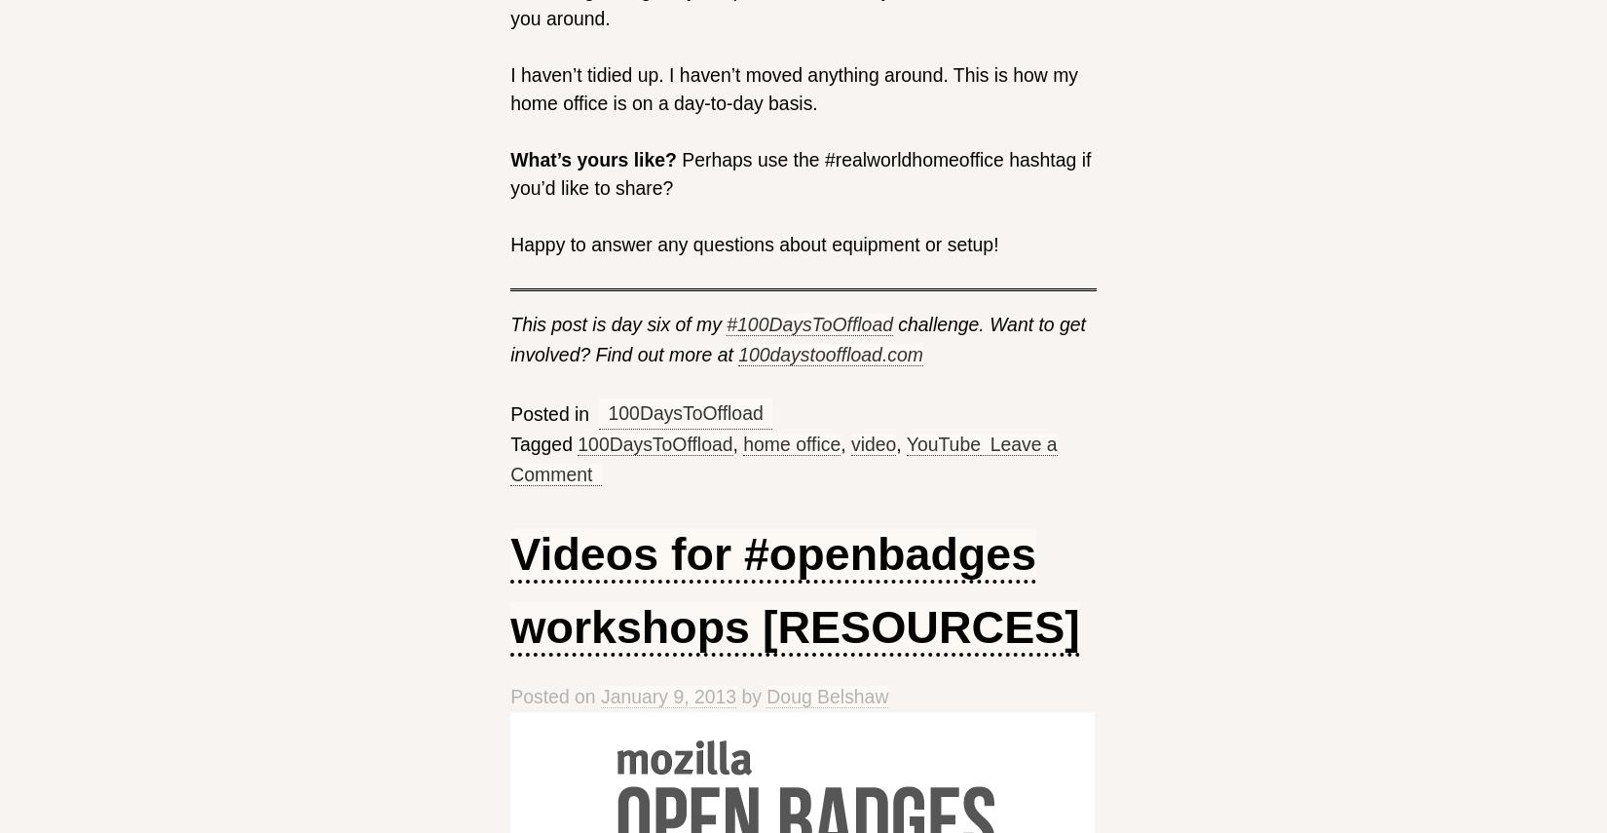 The width and height of the screenshot is (1607, 833). Describe the element at coordinates (737, 353) in the screenshot. I see `'100daystooffload.com'` at that location.